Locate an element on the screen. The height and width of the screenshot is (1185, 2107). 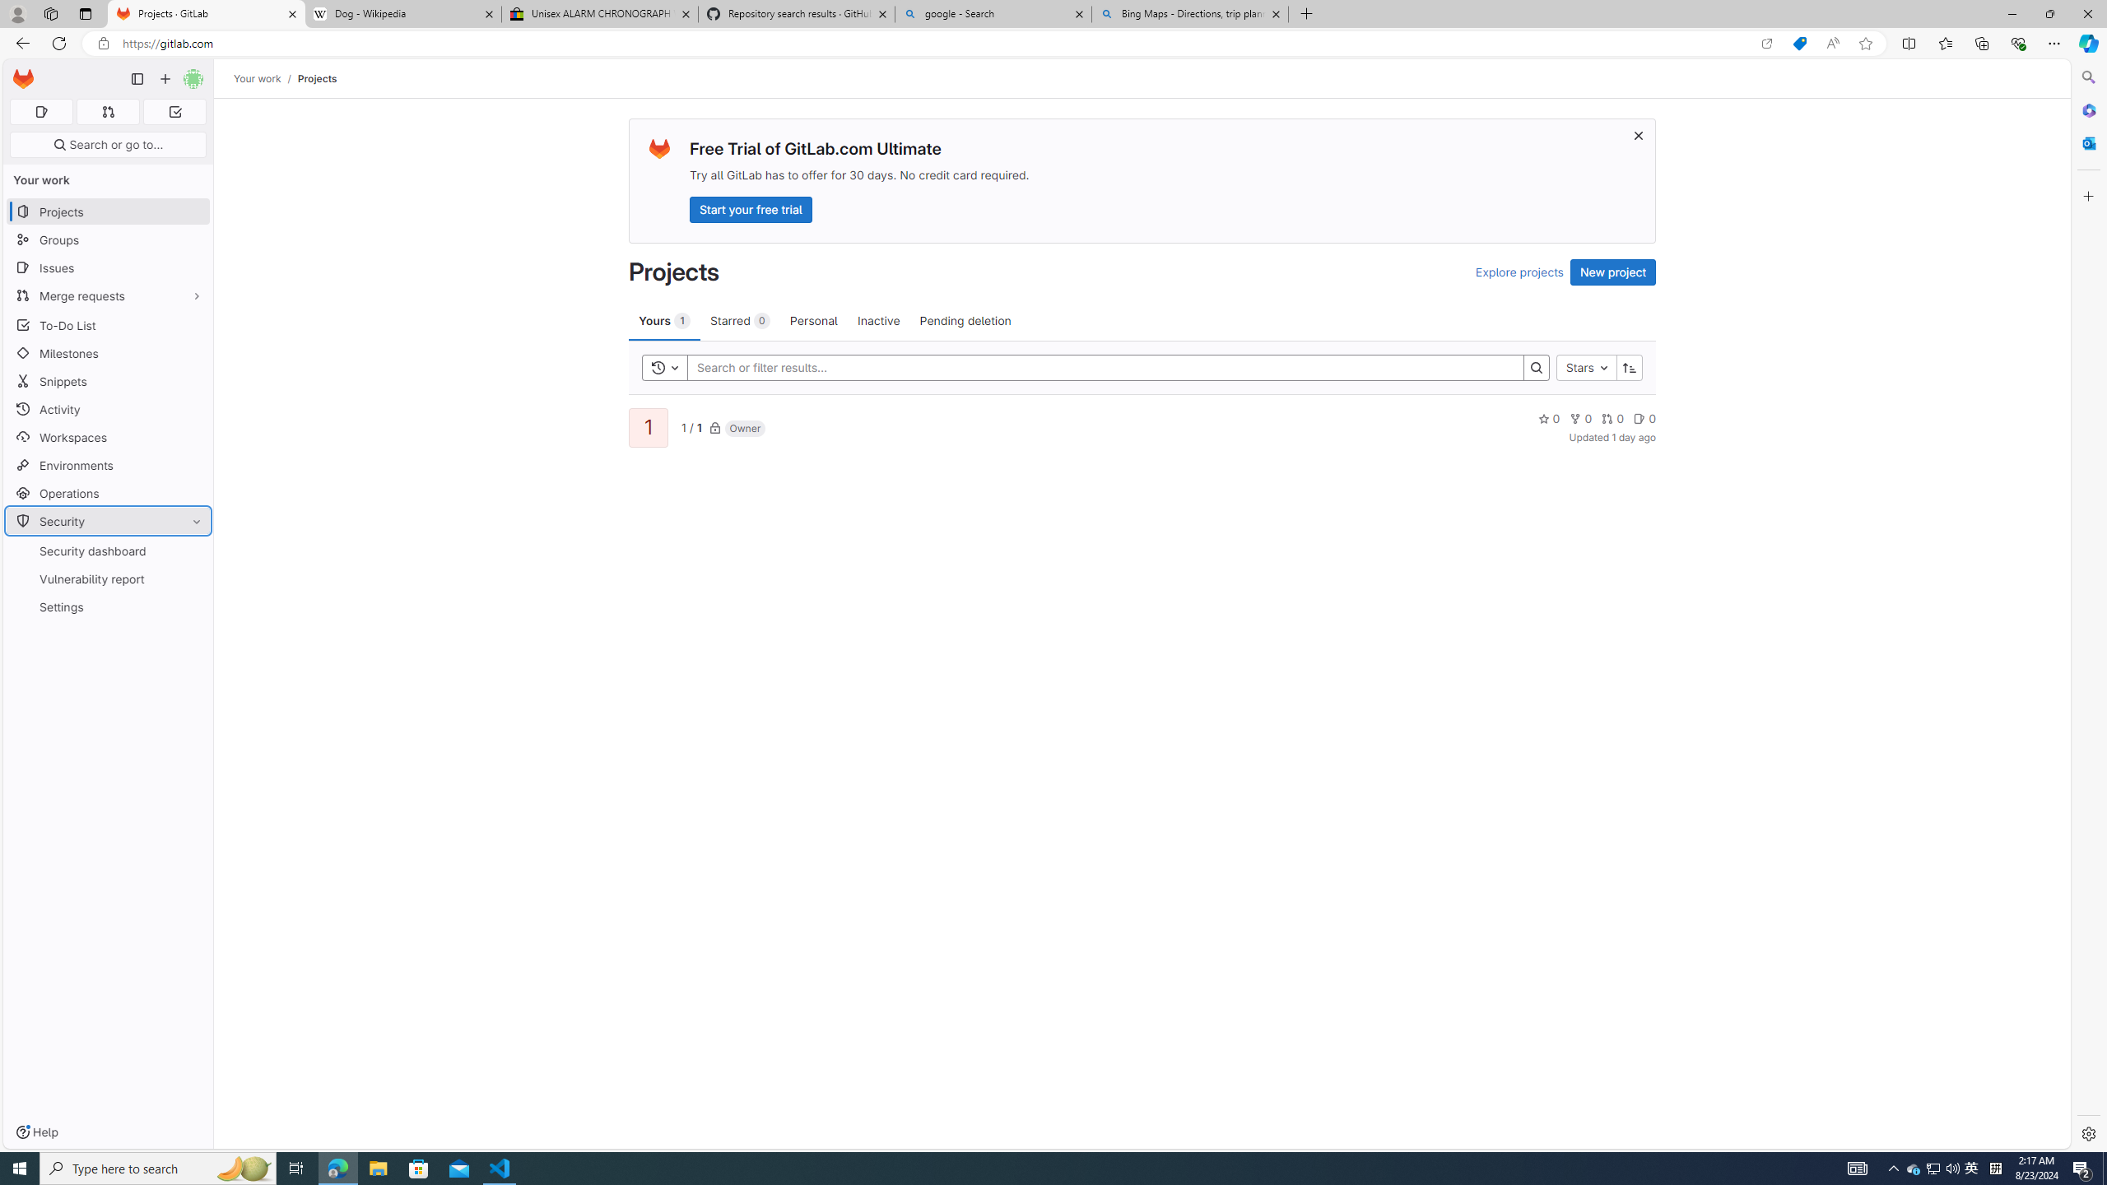
'Dismiss trial promotion' is located at coordinates (1637, 135).